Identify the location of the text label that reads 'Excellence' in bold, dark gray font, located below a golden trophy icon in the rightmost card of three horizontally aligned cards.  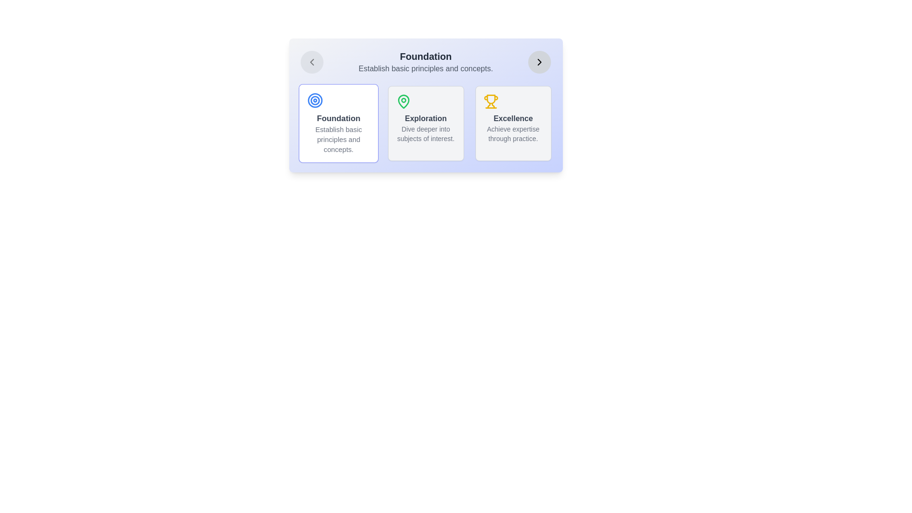
(513, 118).